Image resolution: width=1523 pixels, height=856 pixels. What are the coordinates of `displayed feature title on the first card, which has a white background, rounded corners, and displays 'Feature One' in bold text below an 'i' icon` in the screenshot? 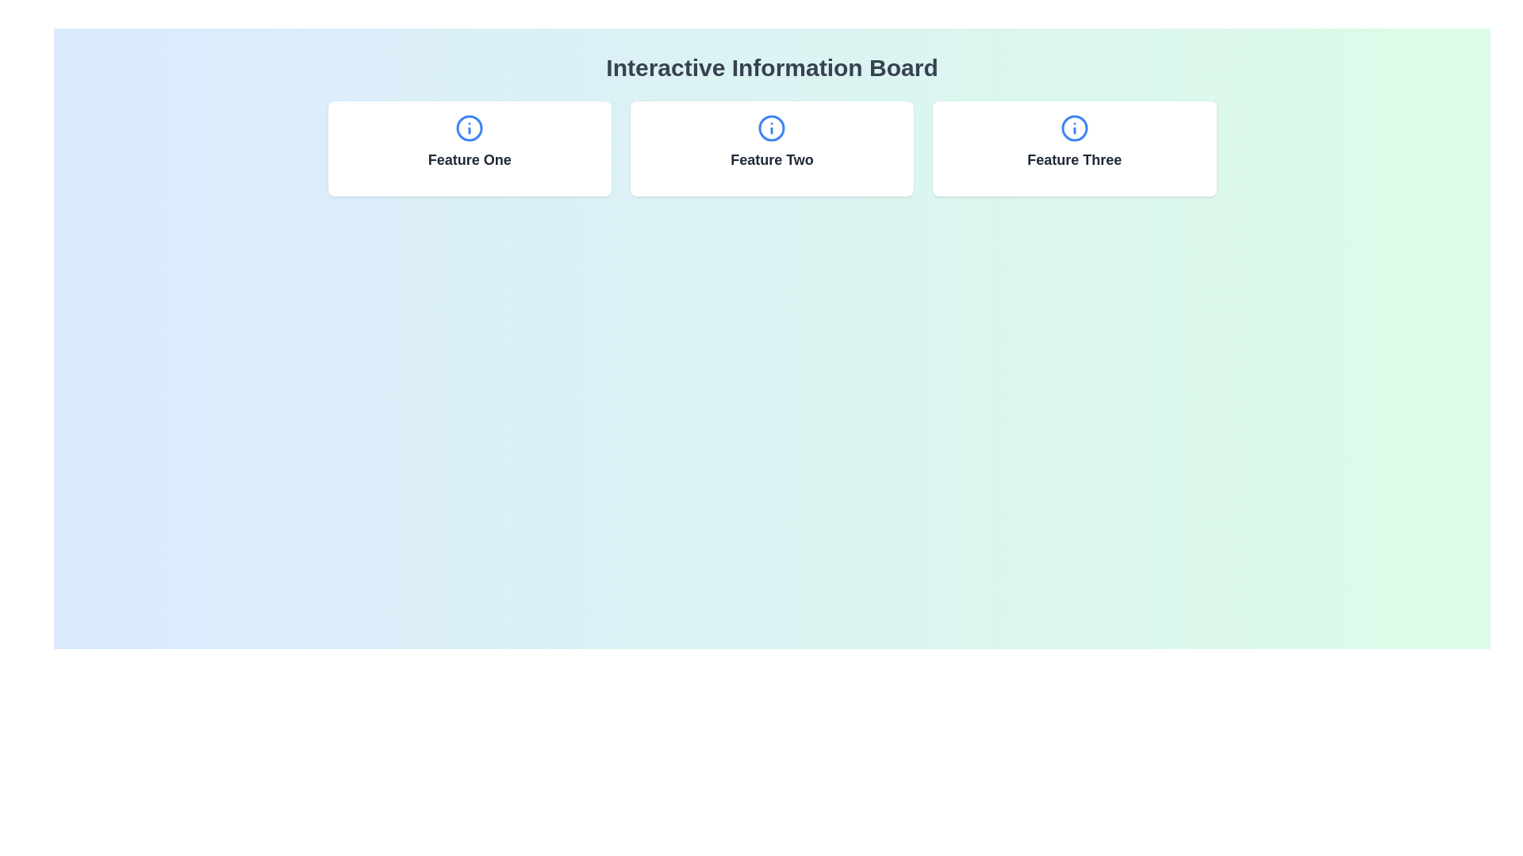 It's located at (469, 149).